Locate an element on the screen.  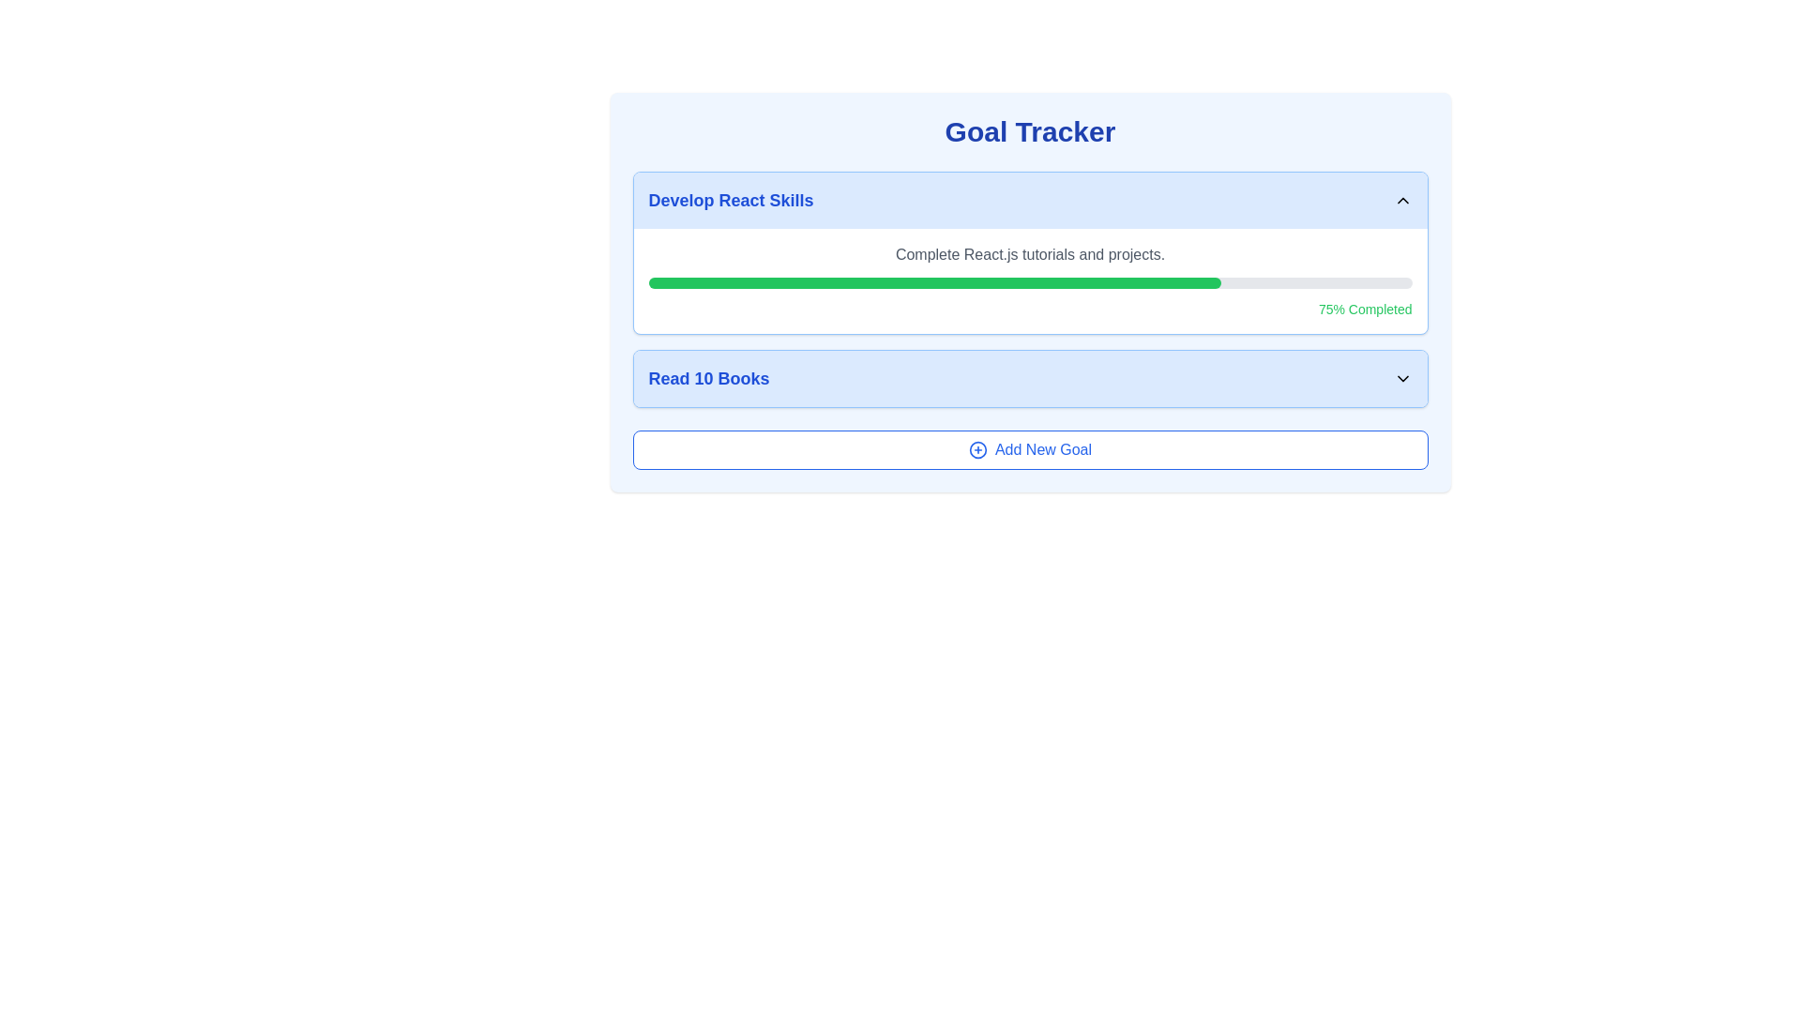
the progress tracker component labeled 'Develop React Skills' which contains the progress bar indicating '75% Completed' for potential interactivity is located at coordinates (1029, 289).